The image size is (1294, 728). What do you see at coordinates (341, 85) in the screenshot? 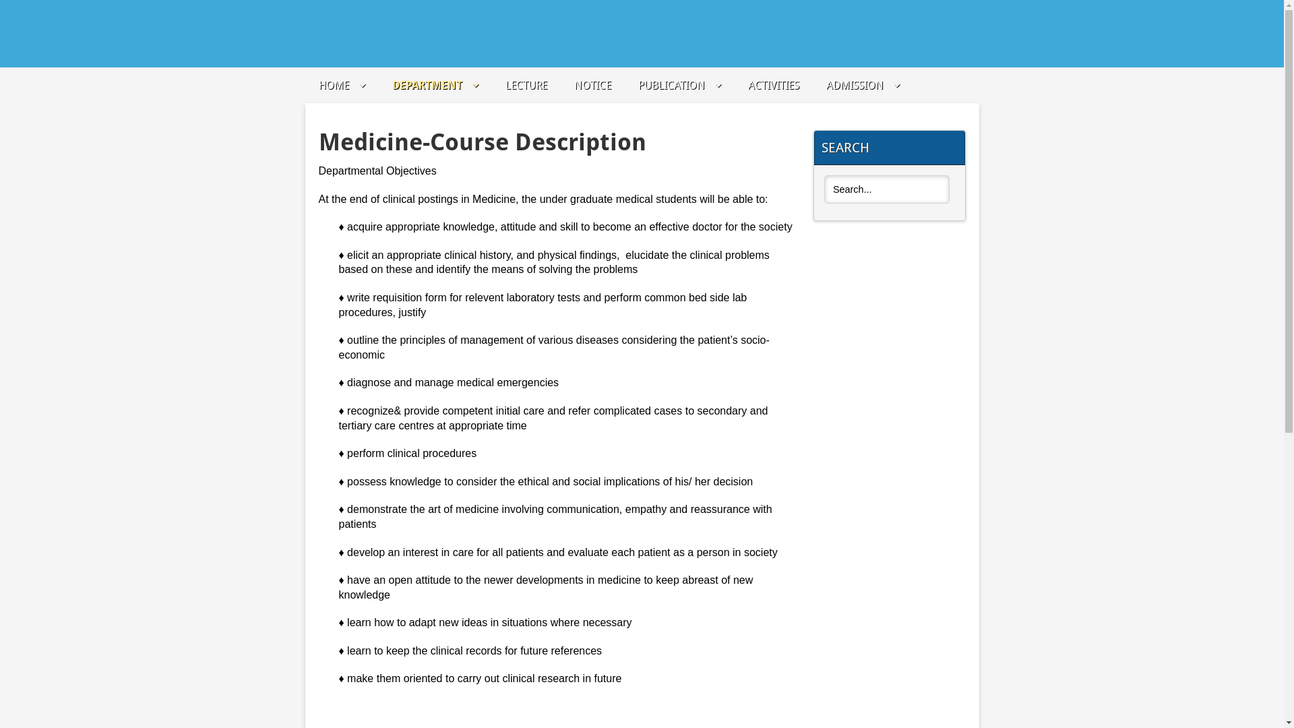
I see `'HOME'` at bounding box center [341, 85].